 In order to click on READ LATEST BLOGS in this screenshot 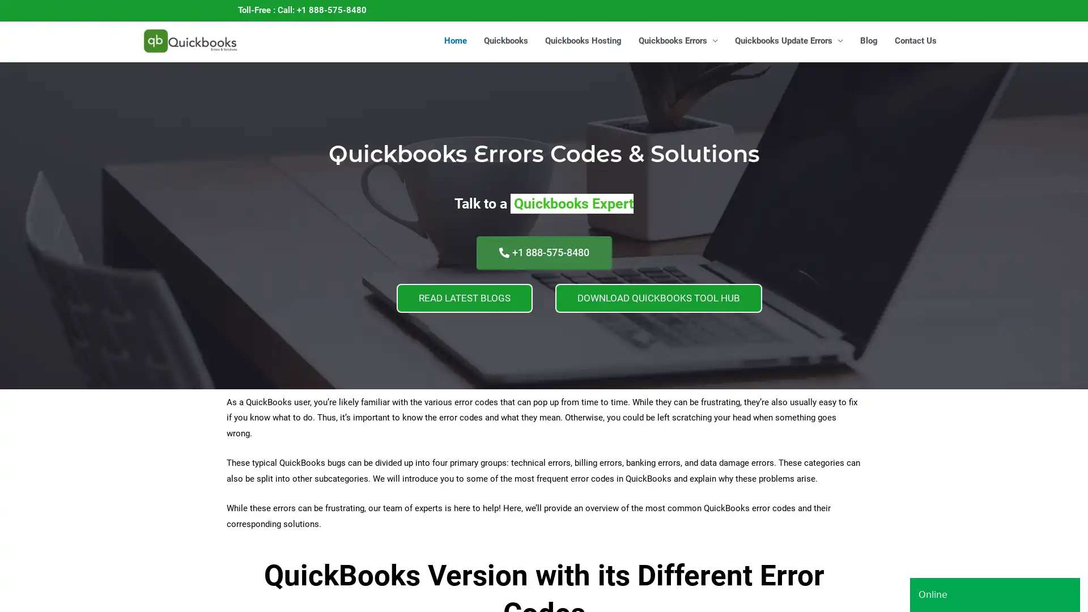, I will do `click(465, 297)`.